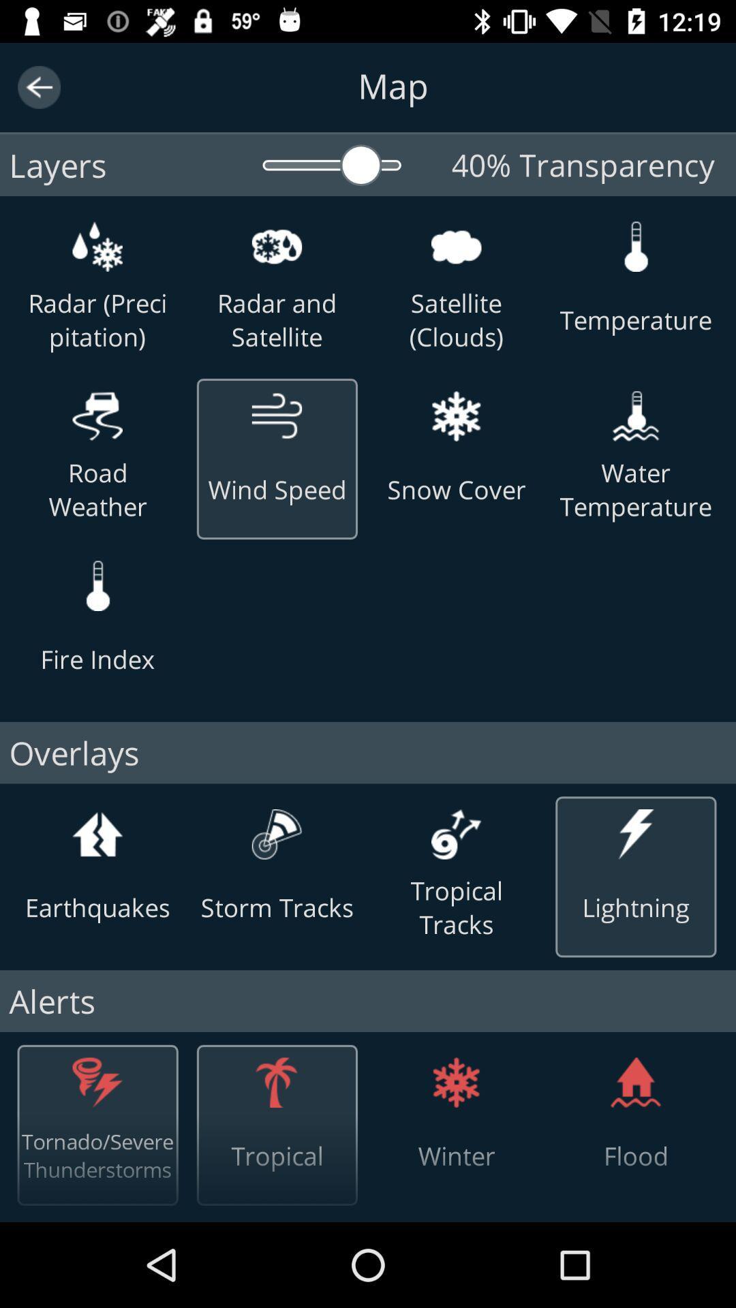 The image size is (736, 1308). What do you see at coordinates (38, 87) in the screenshot?
I see `the arrow_backward icon` at bounding box center [38, 87].